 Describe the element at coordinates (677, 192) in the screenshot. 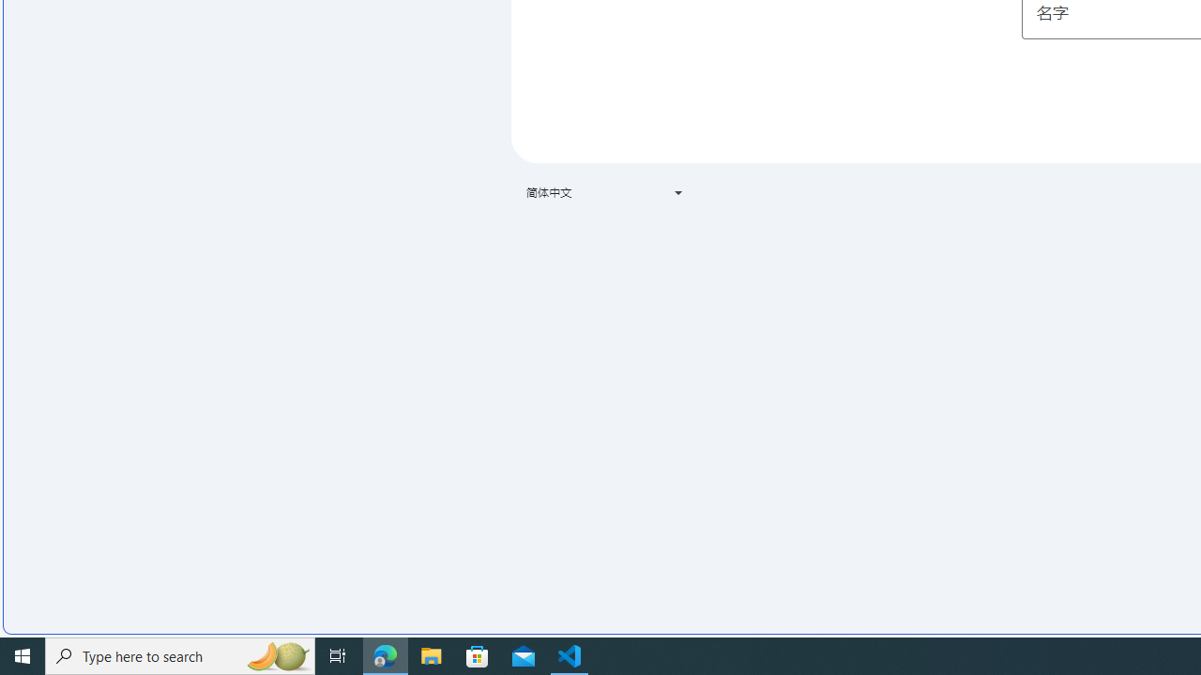

I see `'Class: VfPpkd-t08AT-Bz112c-Bd00G'` at that location.